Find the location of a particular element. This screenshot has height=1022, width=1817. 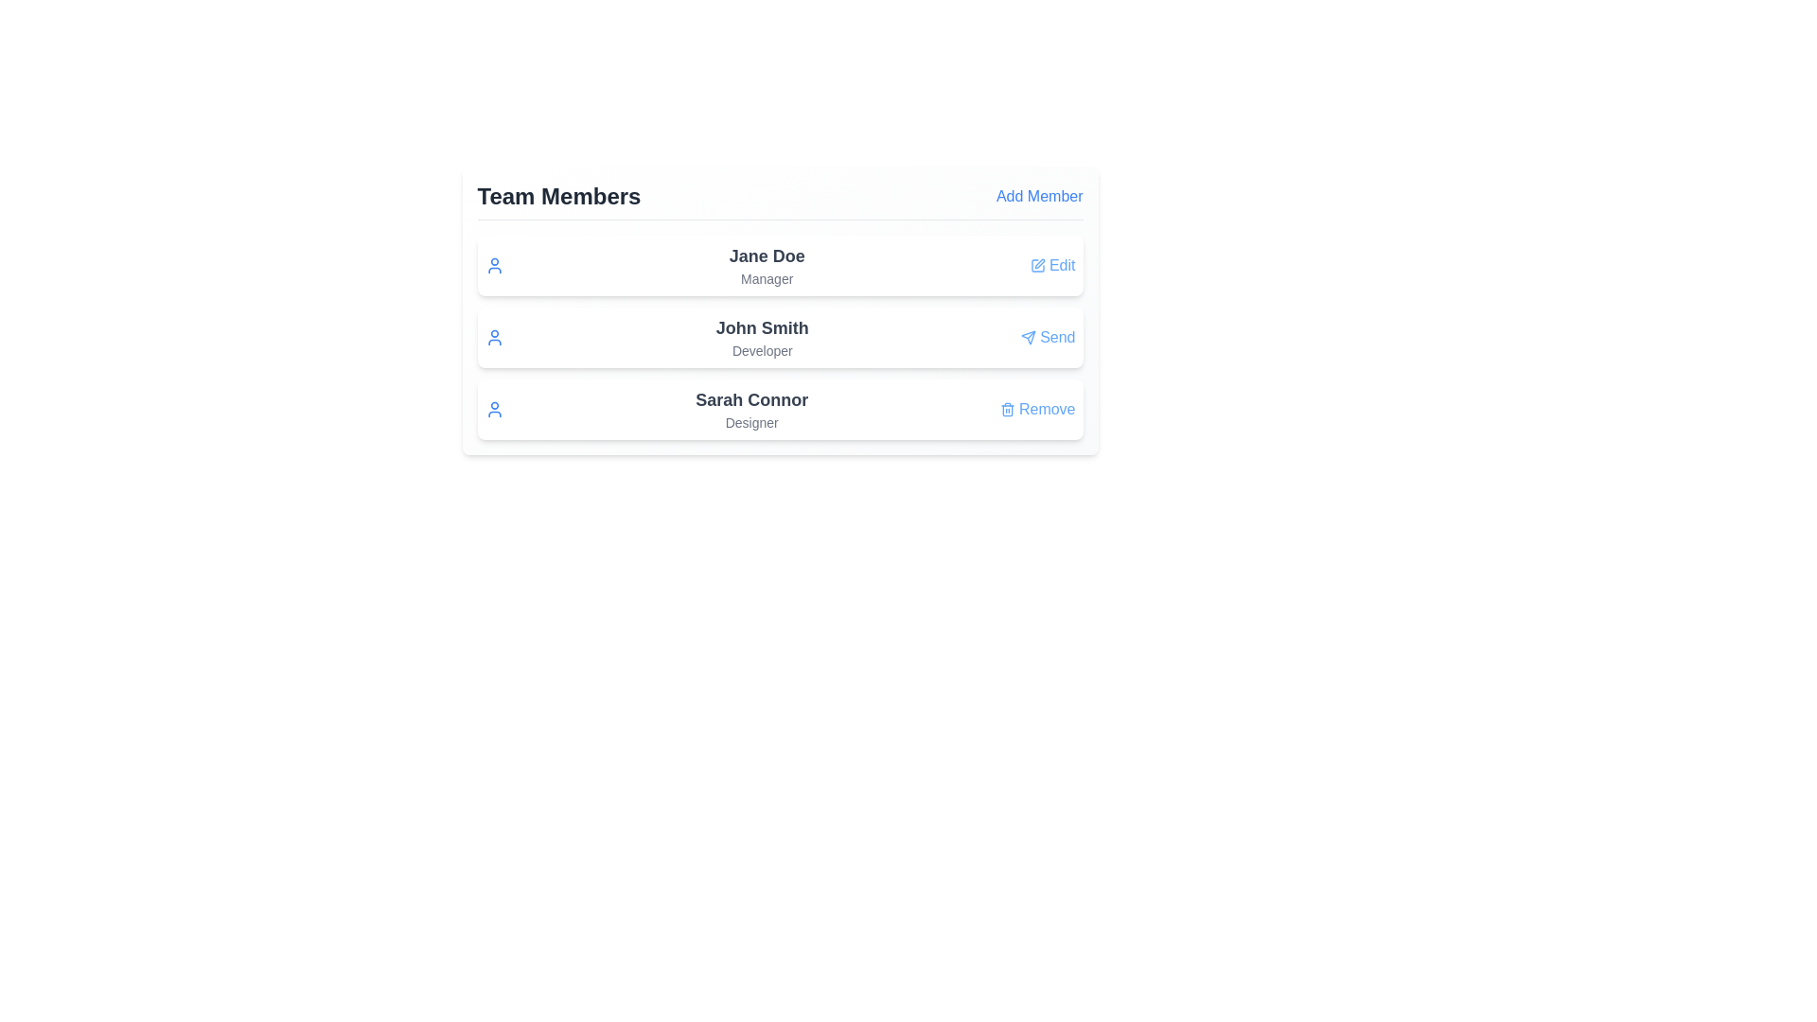

the 'Edit' button for the team member Jane Doe is located at coordinates (1051, 266).